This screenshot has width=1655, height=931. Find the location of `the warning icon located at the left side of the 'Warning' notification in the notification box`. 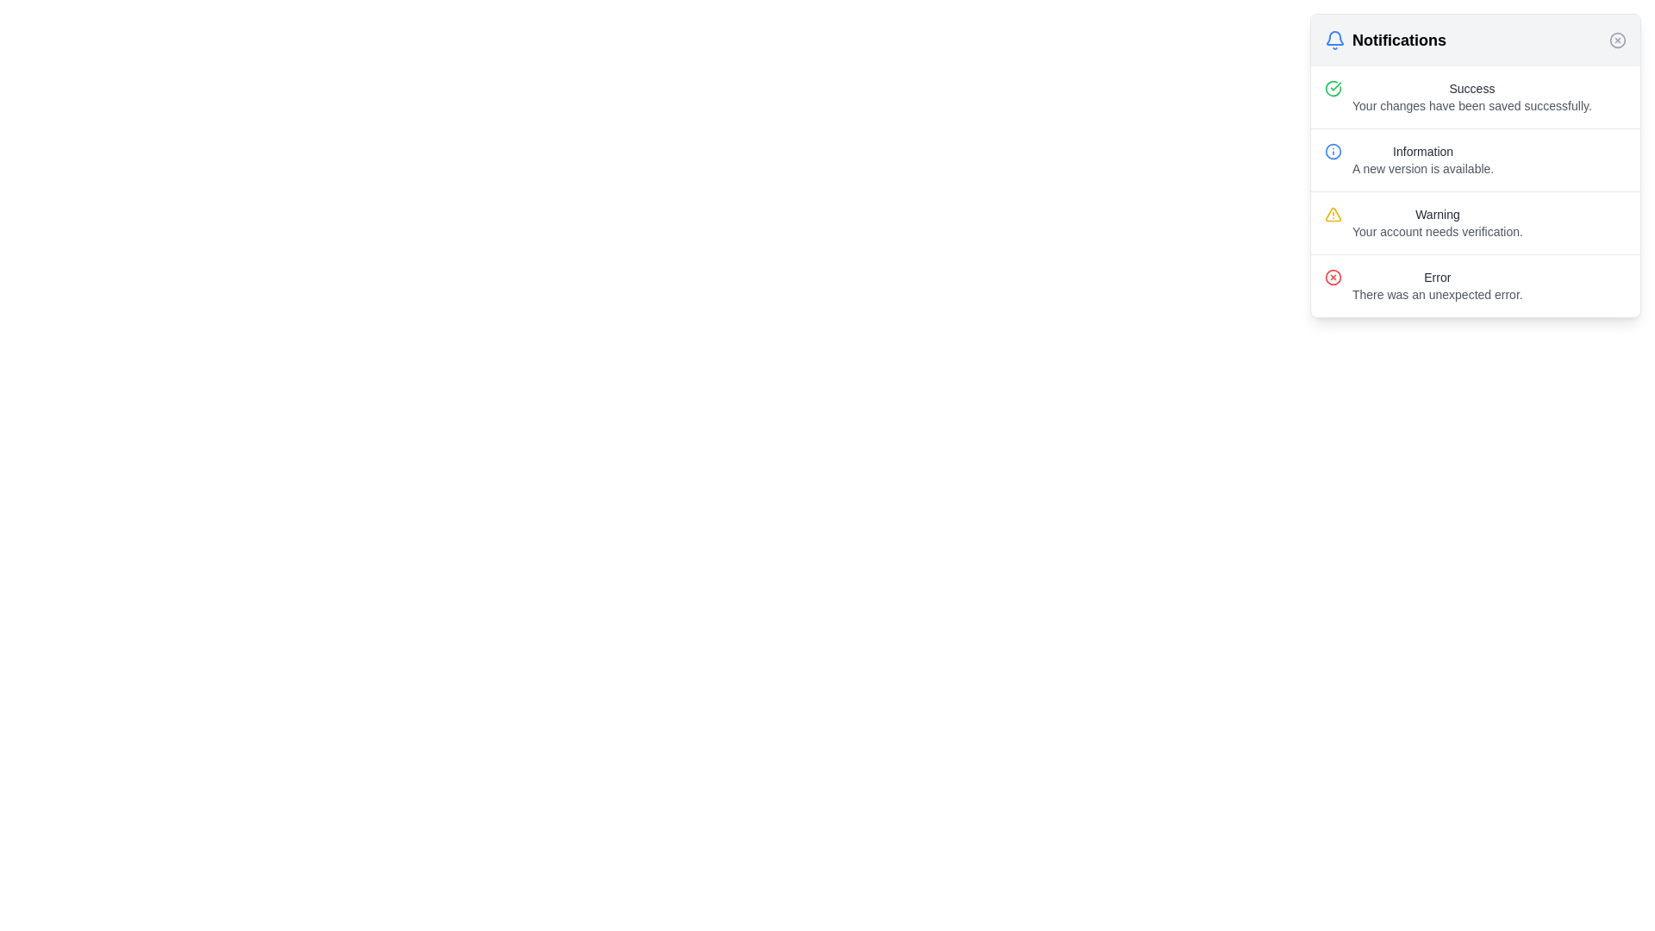

the warning icon located at the left side of the 'Warning' notification in the notification box is located at coordinates (1332, 214).